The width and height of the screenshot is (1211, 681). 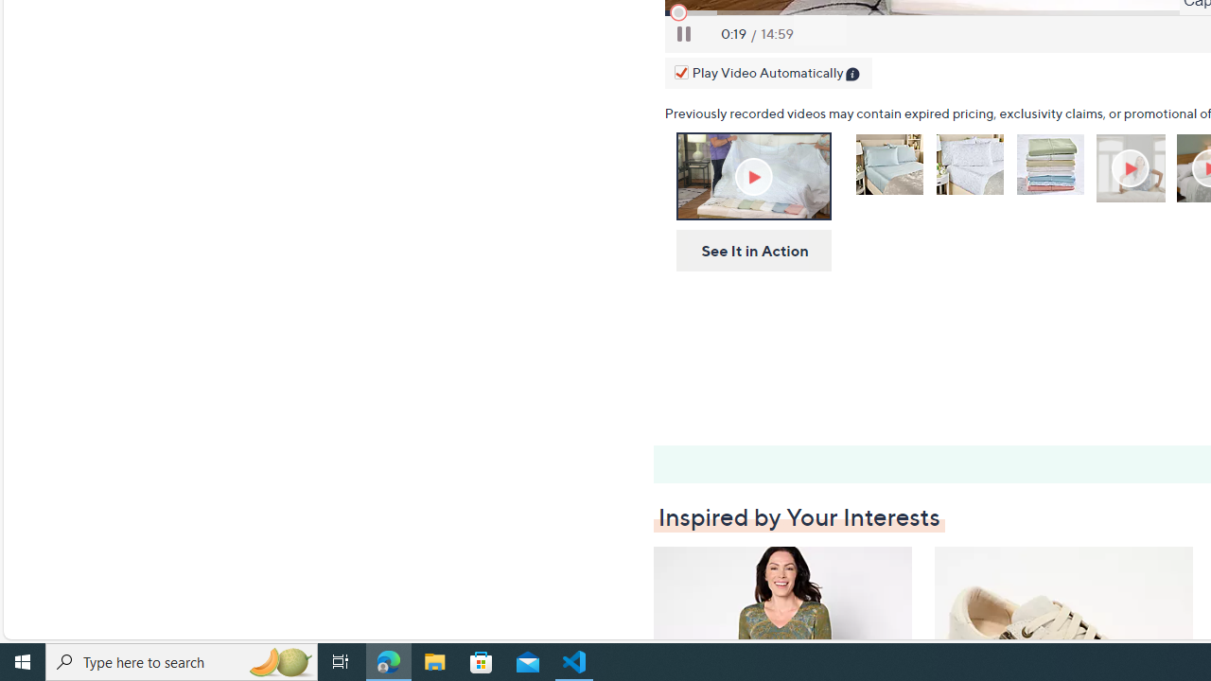 I want to click on 'Pause', so click(x=683, y=34).